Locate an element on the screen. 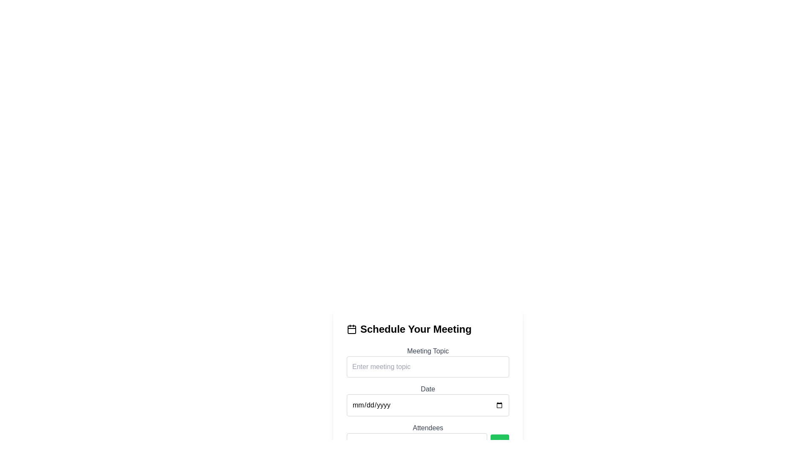  the circular plus icon button with a green background located at the bottom right corner of the 'Attendees' input field is located at coordinates (499, 443).